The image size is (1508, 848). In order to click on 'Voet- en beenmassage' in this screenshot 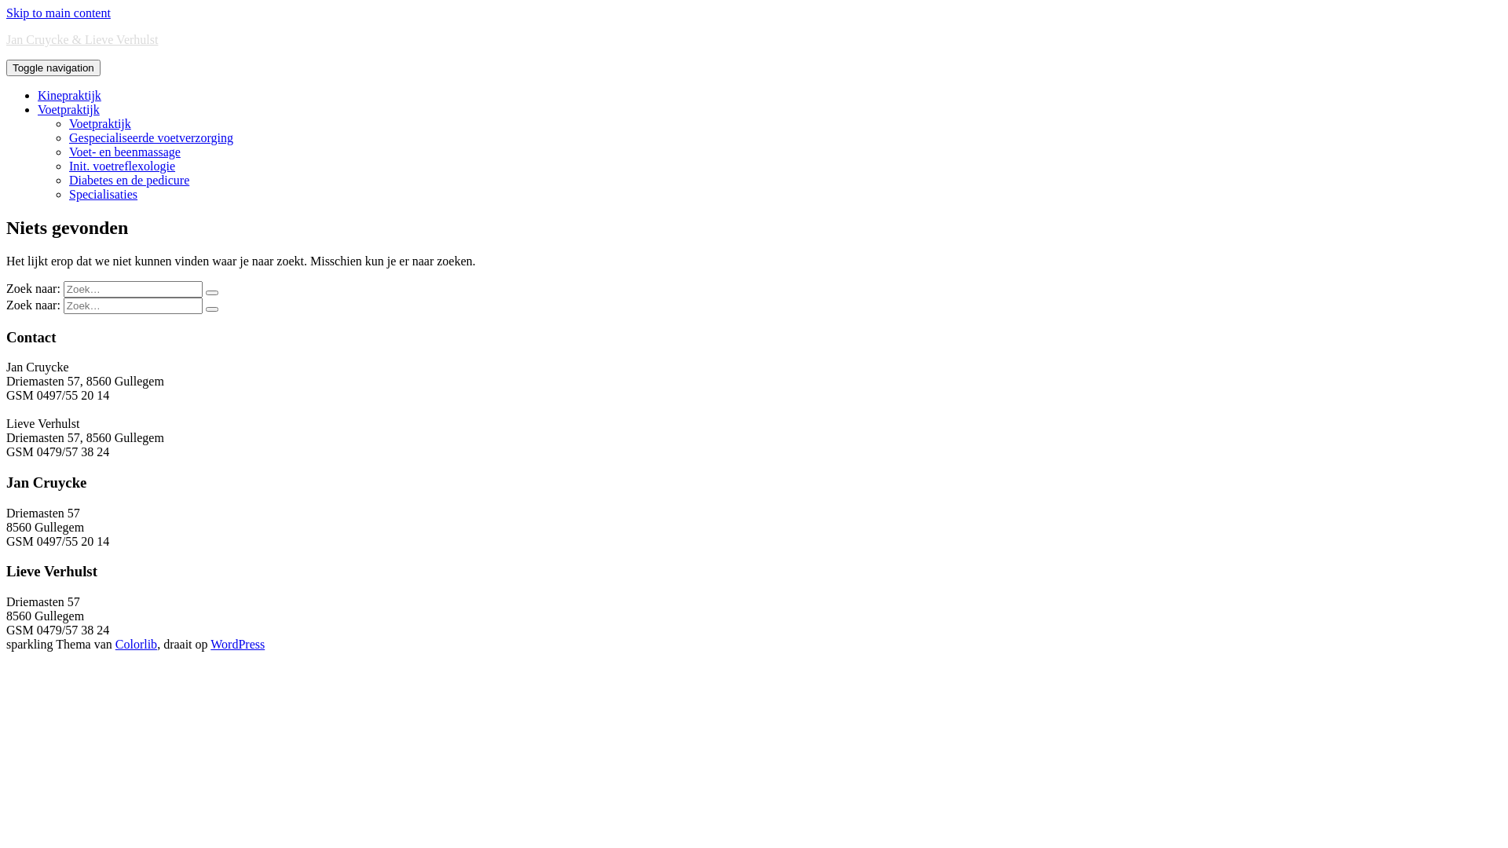, I will do `click(123, 152)`.